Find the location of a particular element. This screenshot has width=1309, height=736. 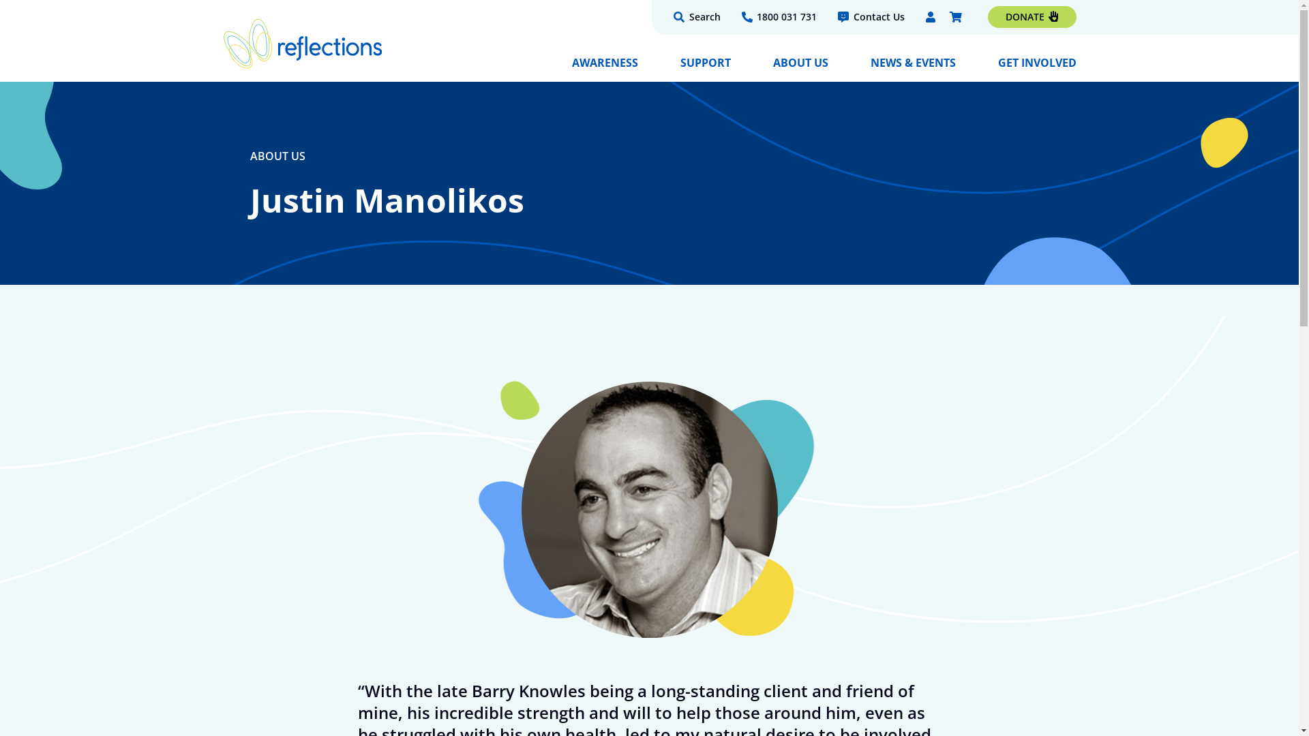

'DONATE' is located at coordinates (1031, 16).